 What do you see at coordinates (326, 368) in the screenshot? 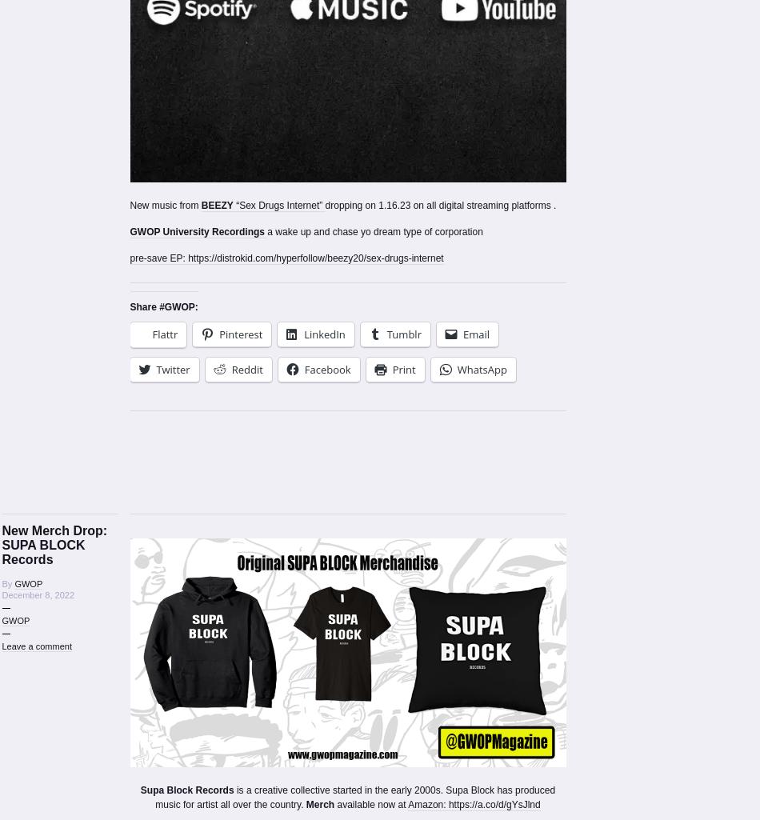
I see `'Facebook'` at bounding box center [326, 368].